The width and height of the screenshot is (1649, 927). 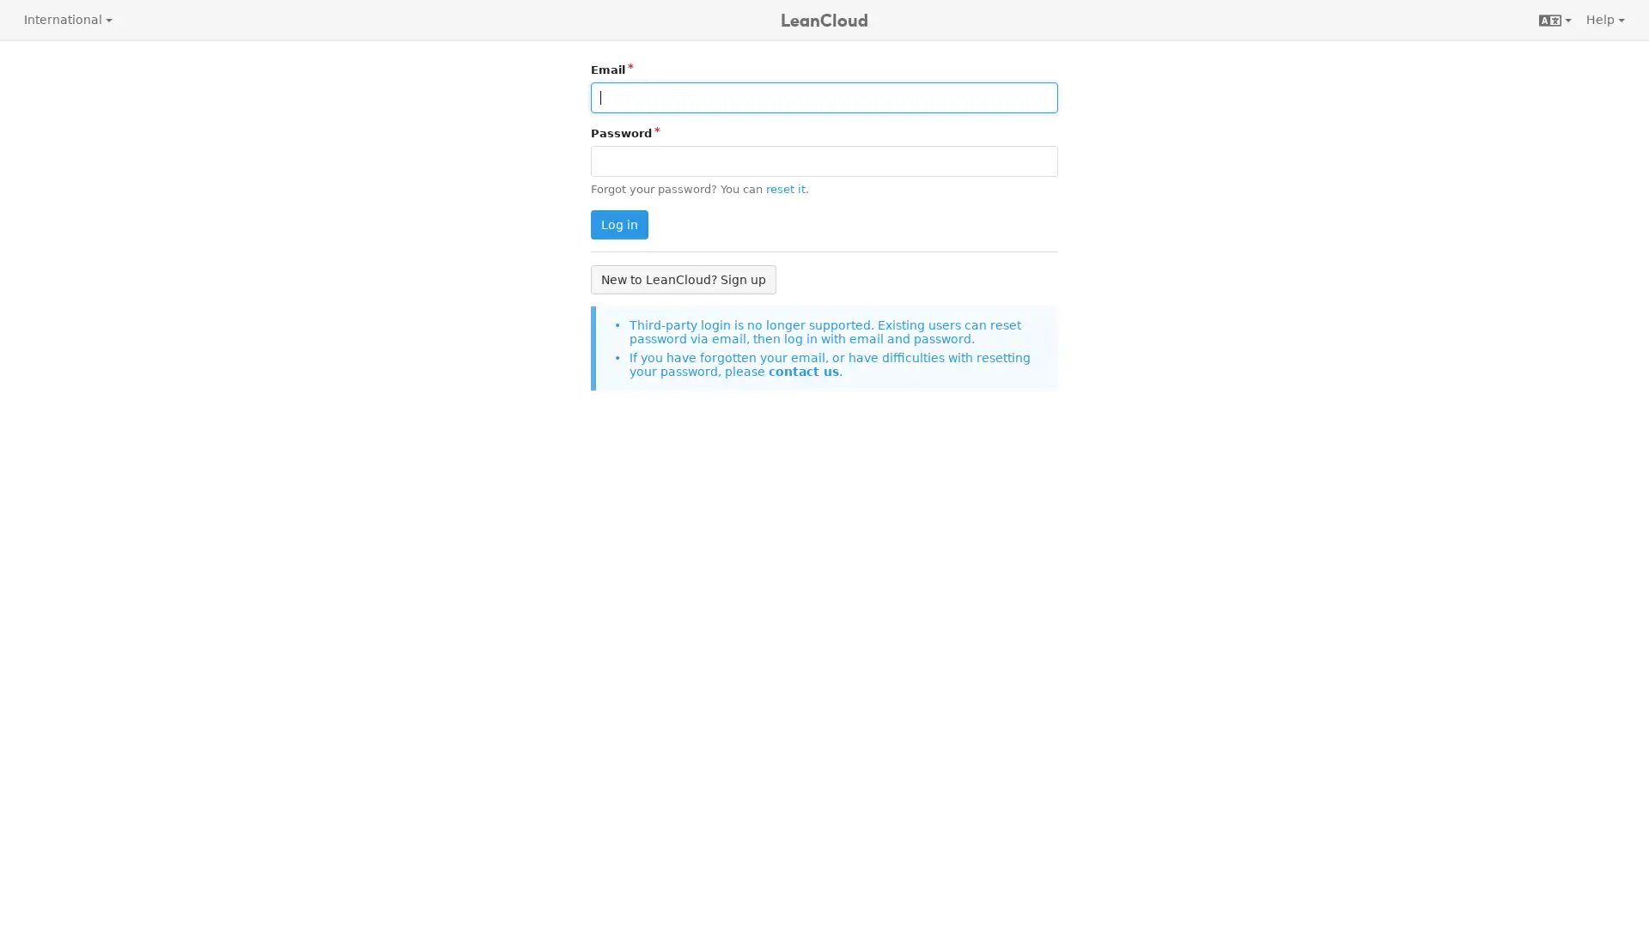 I want to click on Log in, so click(x=618, y=224).